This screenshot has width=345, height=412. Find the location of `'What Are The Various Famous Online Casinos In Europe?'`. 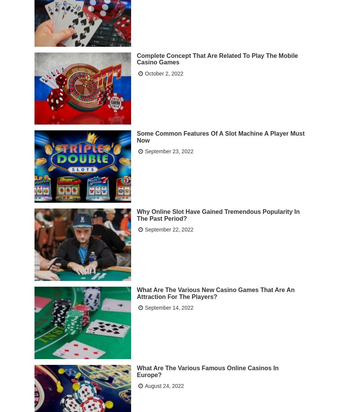

'What Are The Various Famous Online Casinos In Europe?' is located at coordinates (207, 371).